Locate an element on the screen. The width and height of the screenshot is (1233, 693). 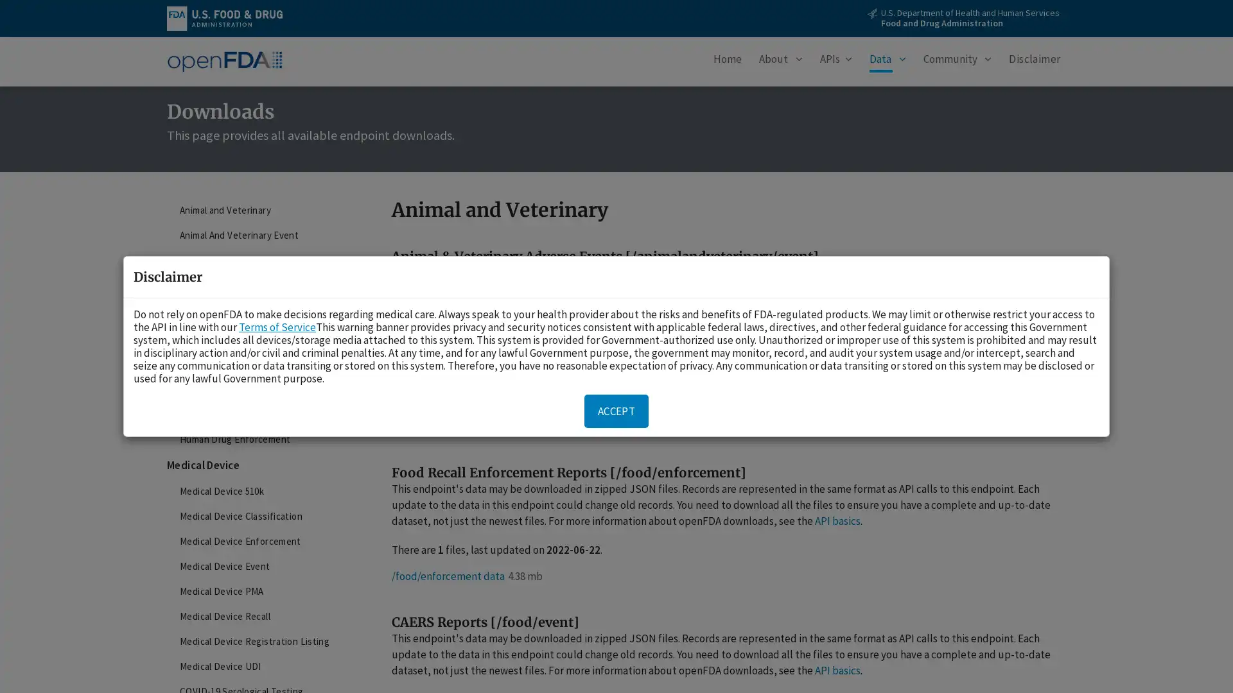
Medical Device Recall is located at coordinates (262, 615).